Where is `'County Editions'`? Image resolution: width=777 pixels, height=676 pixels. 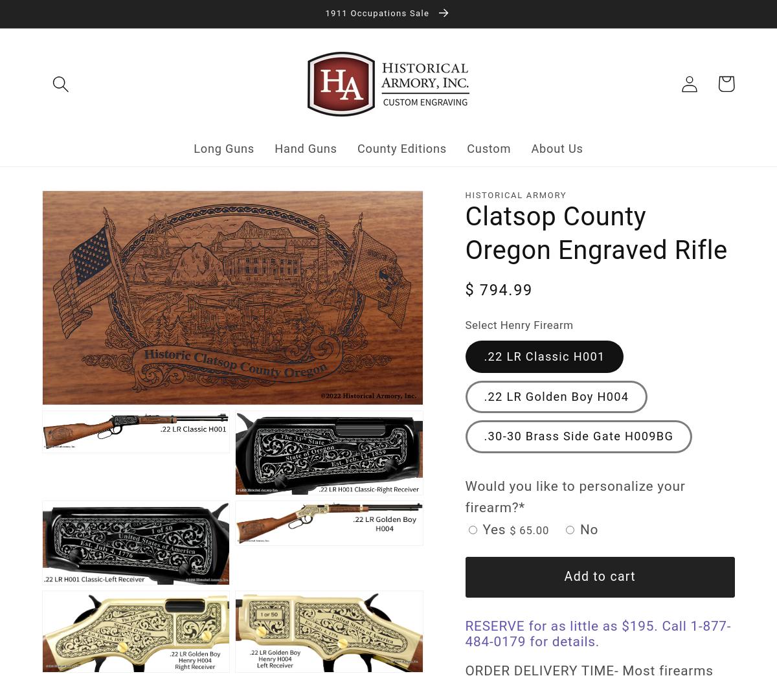 'County Editions' is located at coordinates (401, 148).